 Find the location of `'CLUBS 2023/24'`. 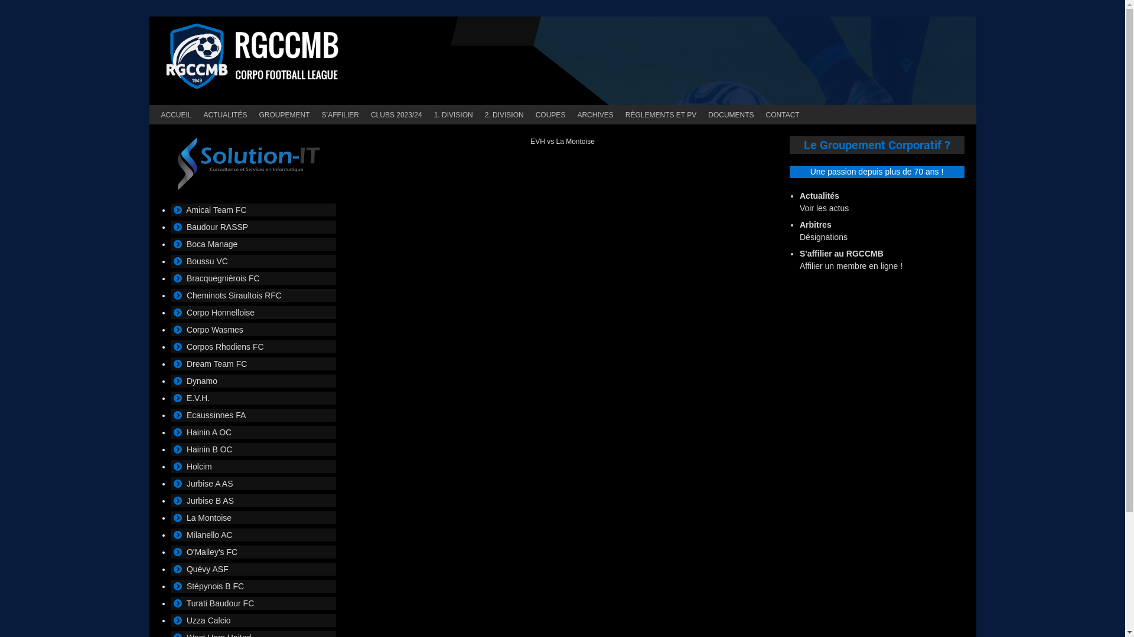

'CLUBS 2023/24' is located at coordinates (396, 114).